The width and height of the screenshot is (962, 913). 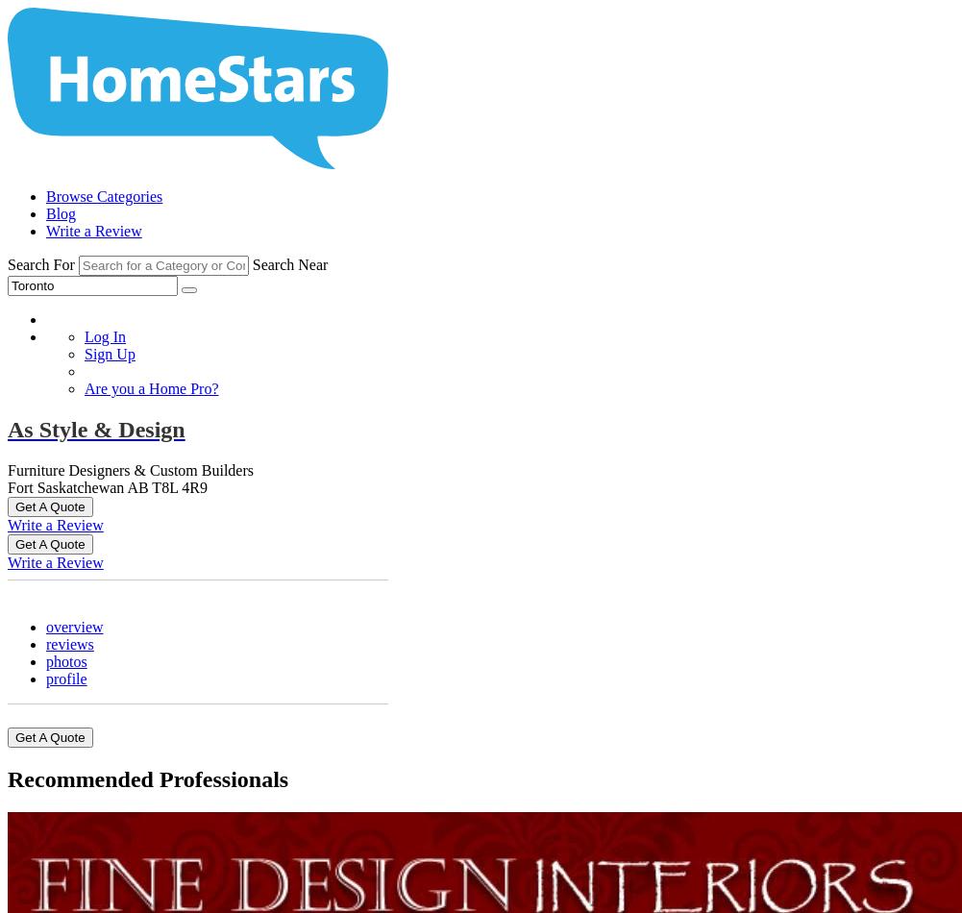 What do you see at coordinates (250, 262) in the screenshot?
I see `'Search Near'` at bounding box center [250, 262].